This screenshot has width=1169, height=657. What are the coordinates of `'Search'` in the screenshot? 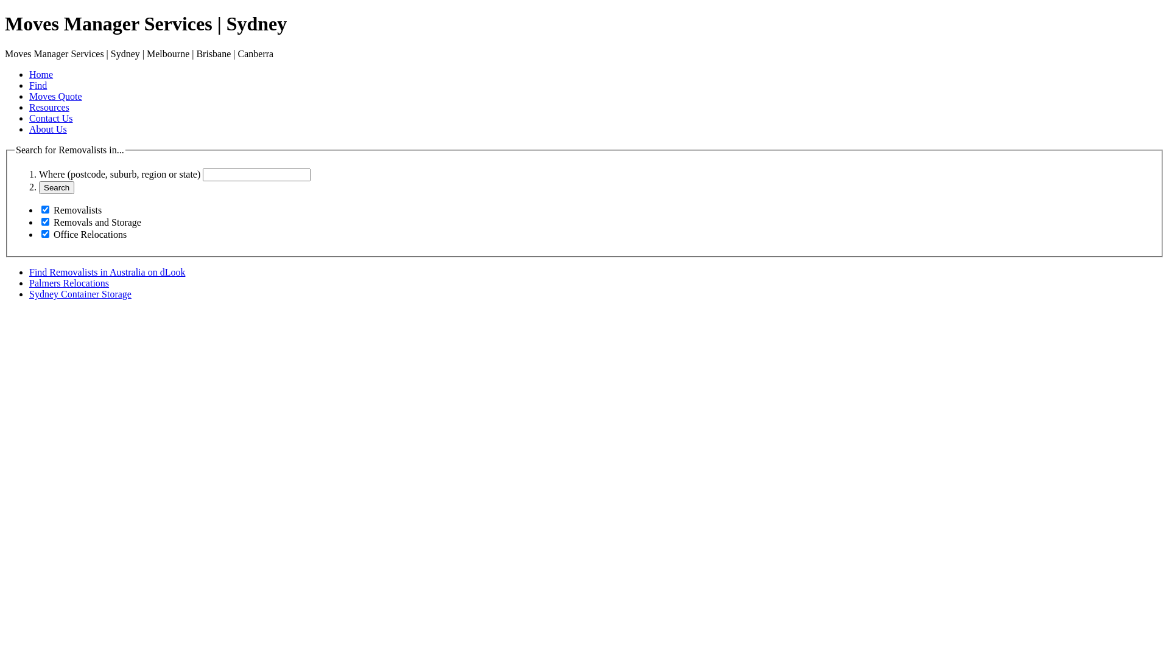 It's located at (55, 187).